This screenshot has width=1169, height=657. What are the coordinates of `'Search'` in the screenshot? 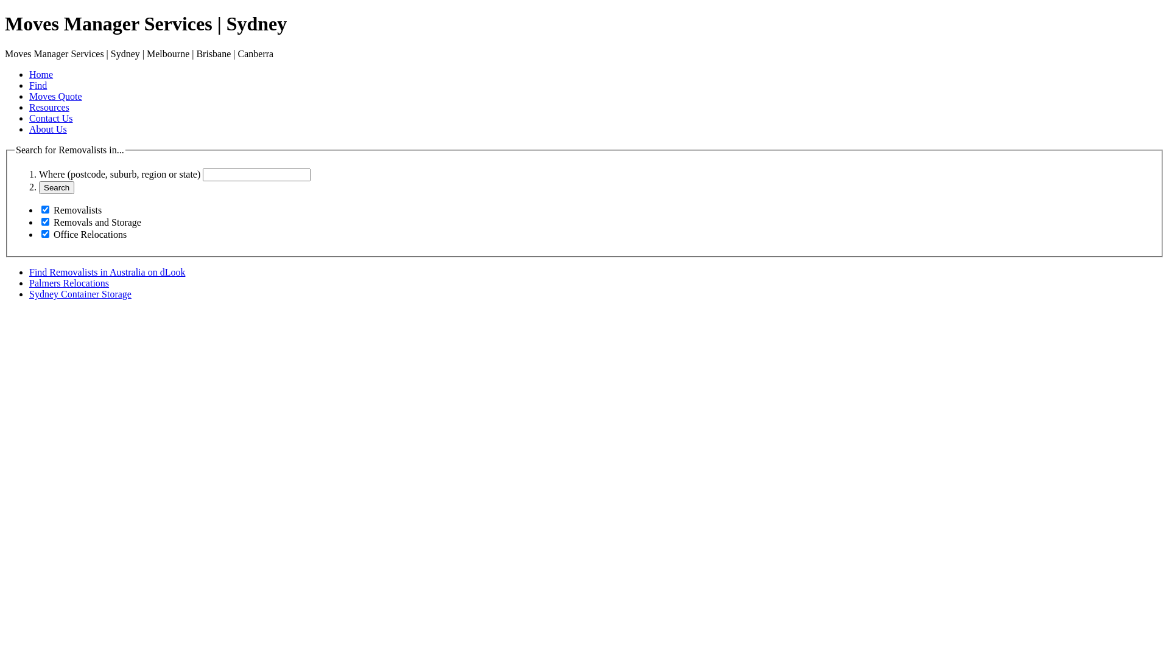 It's located at (55, 187).